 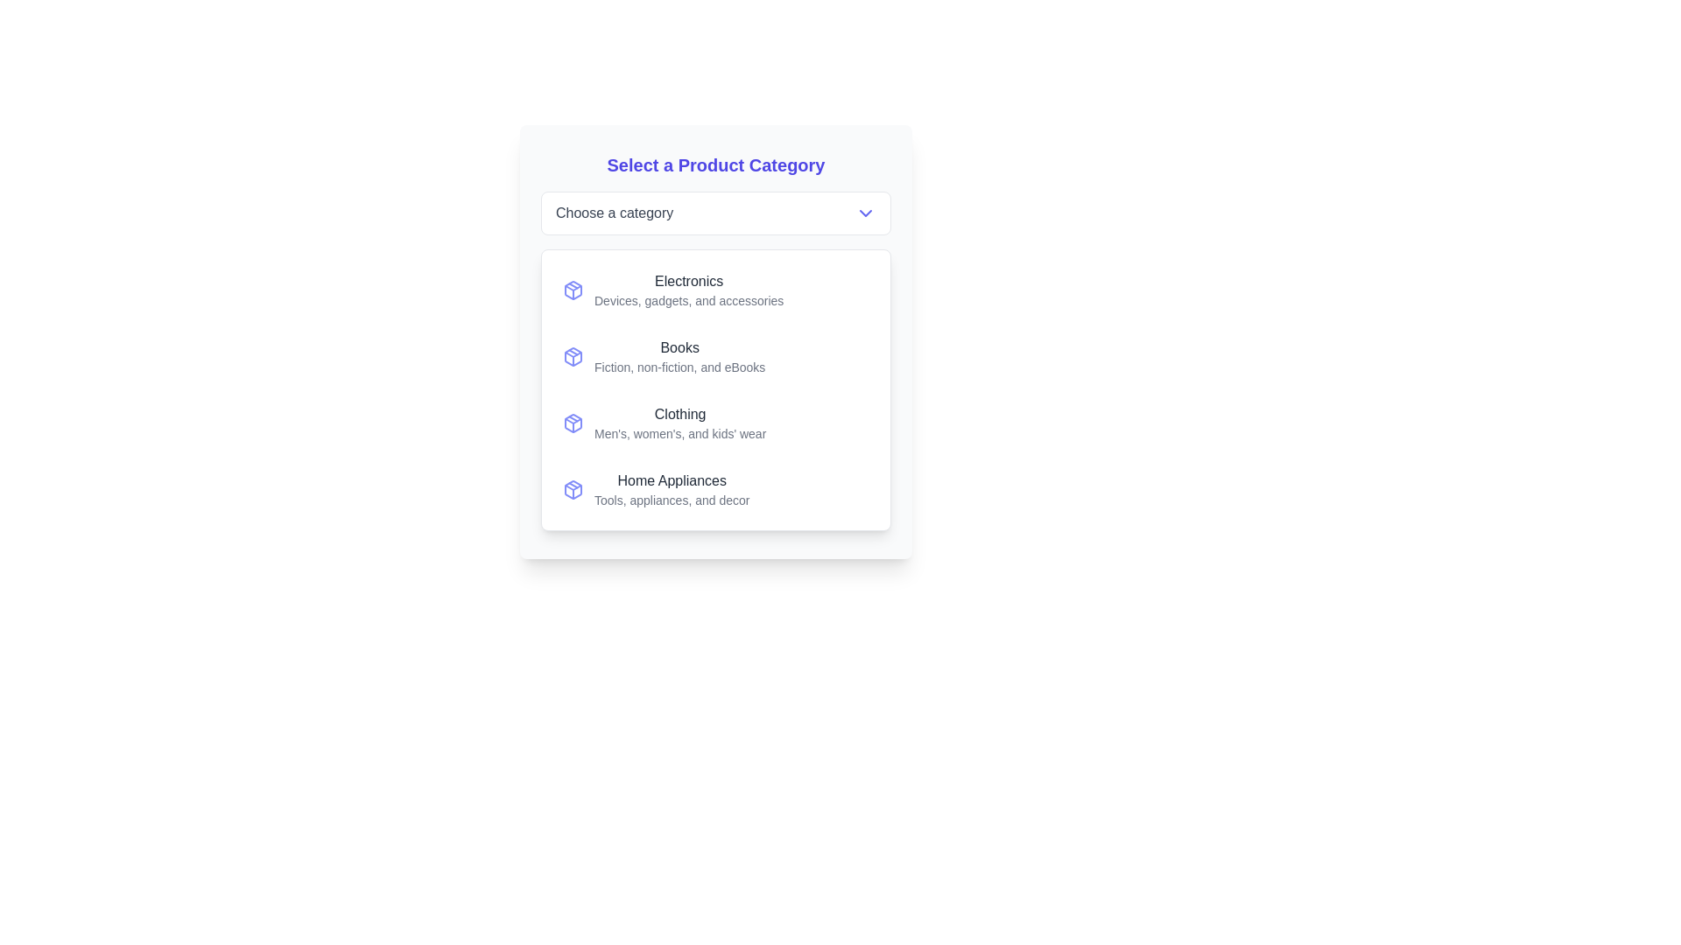 What do you see at coordinates (573, 356) in the screenshot?
I see `the 'Books' category icon located to the left of the 'Books' text in the product categories list` at bounding box center [573, 356].